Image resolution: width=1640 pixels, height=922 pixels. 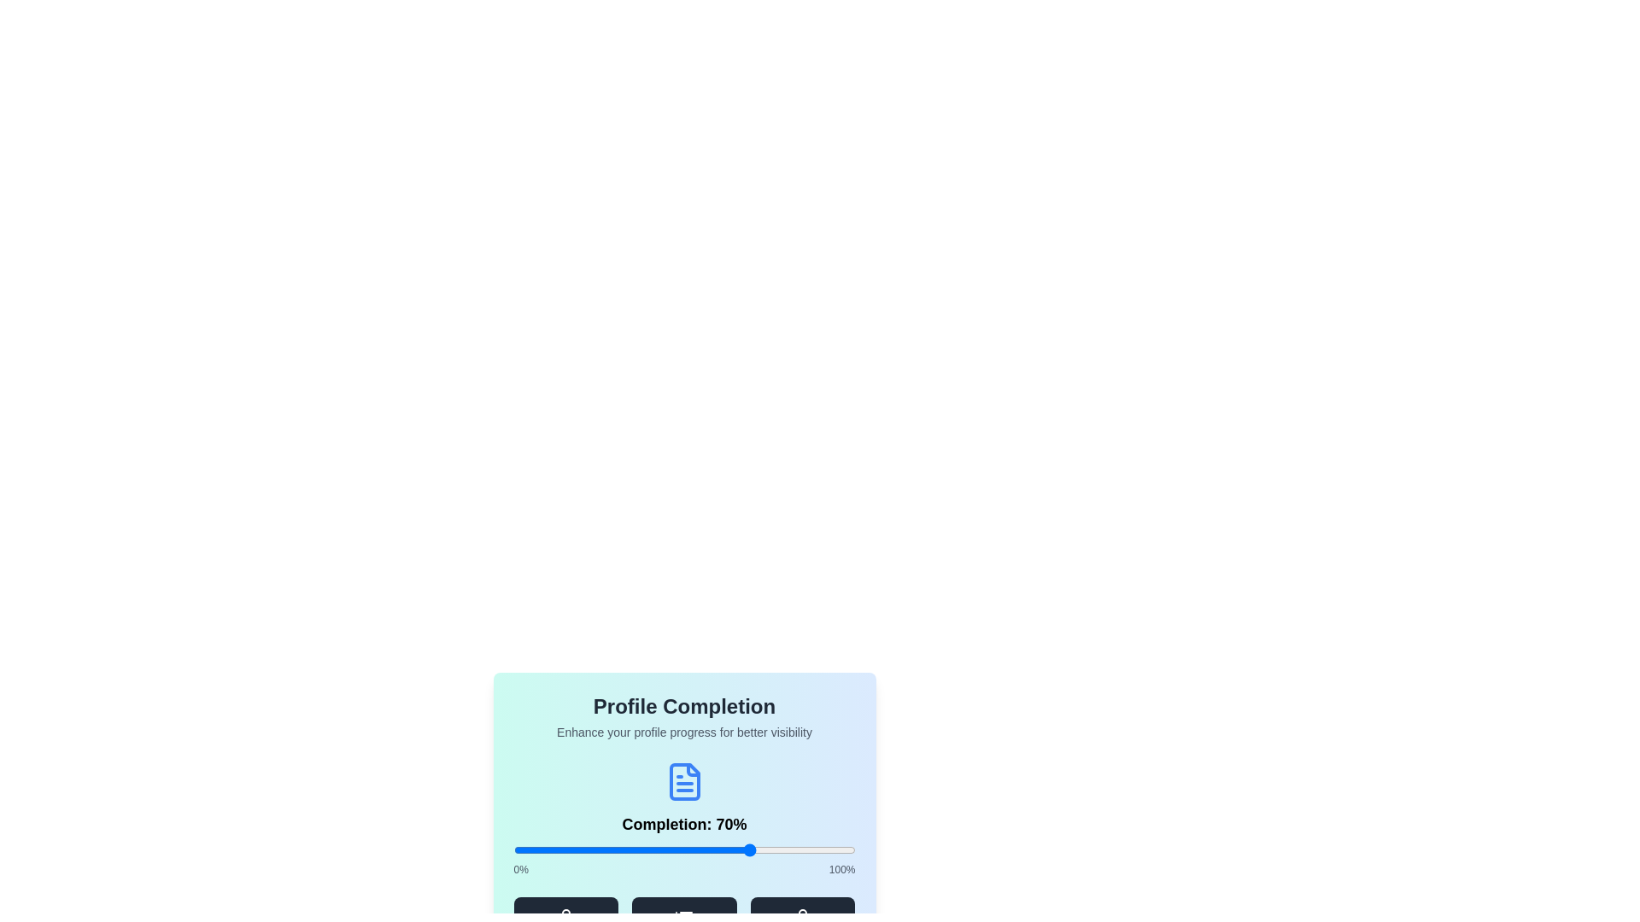 I want to click on the profile completion slider, so click(x=793, y=849).